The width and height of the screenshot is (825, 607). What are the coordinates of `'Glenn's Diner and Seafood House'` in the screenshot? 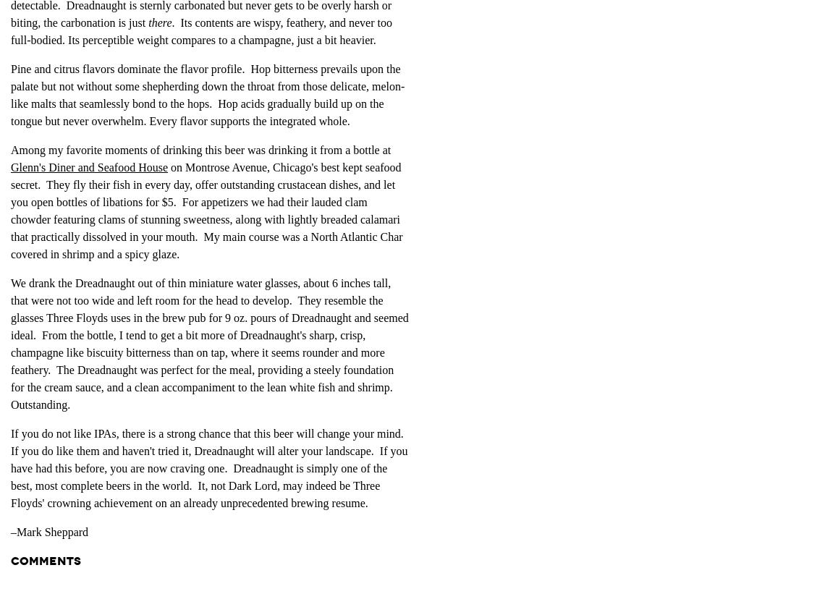 It's located at (11, 166).